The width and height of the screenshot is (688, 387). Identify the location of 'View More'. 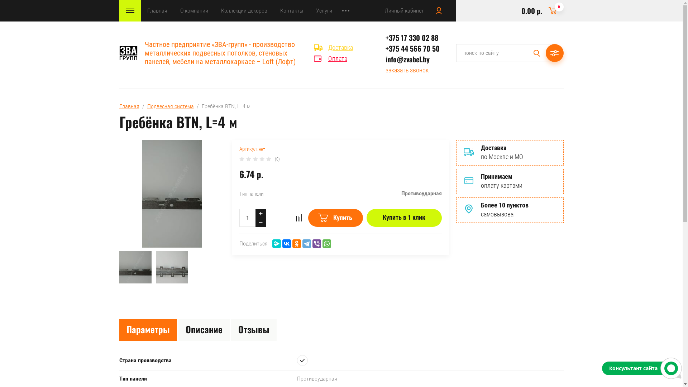
(345, 11).